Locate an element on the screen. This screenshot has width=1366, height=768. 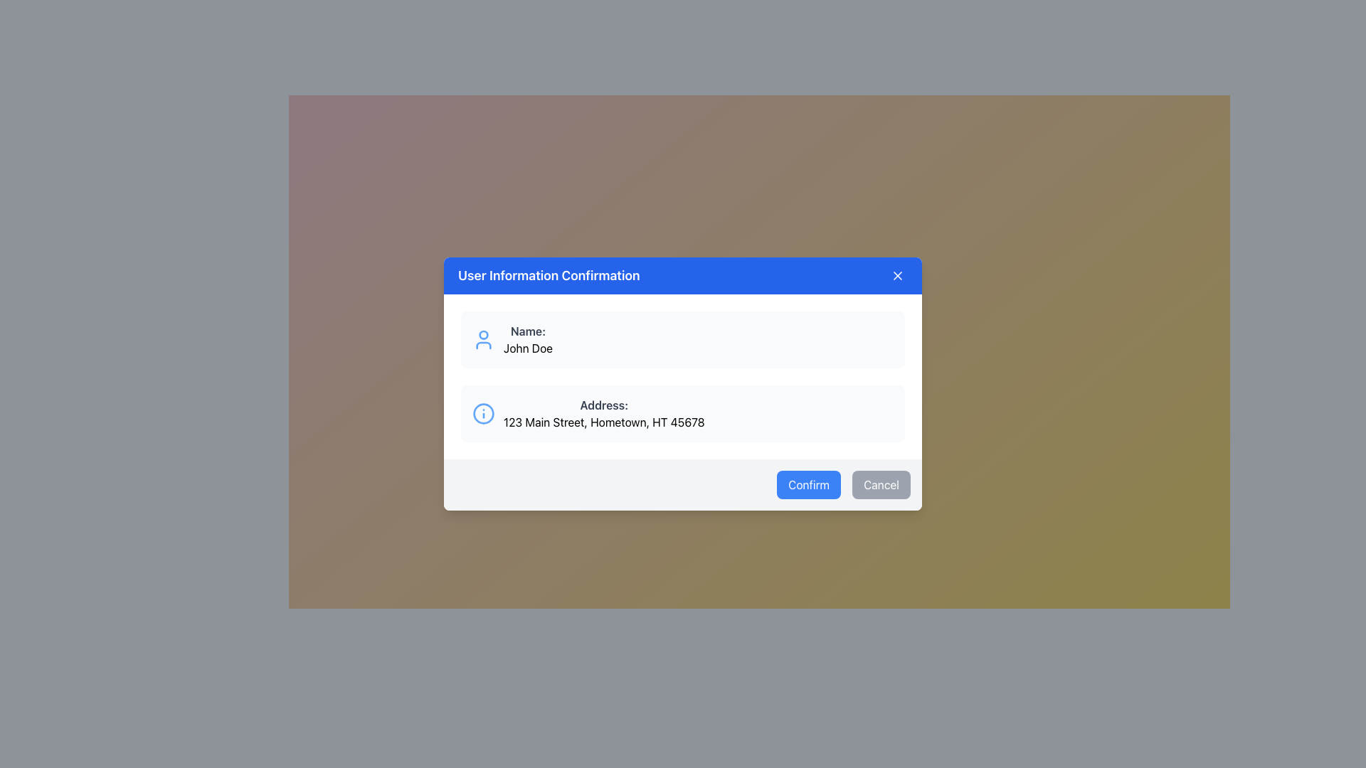
the second inline text element displaying the address information under the label 'Address:' in the 'User Information Confirmation' modal is located at coordinates (604, 422).